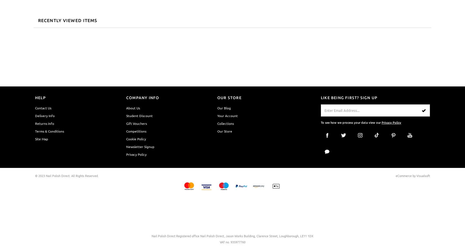 The width and height of the screenshot is (465, 248). What do you see at coordinates (140, 146) in the screenshot?
I see `'Newsletter Signup'` at bounding box center [140, 146].